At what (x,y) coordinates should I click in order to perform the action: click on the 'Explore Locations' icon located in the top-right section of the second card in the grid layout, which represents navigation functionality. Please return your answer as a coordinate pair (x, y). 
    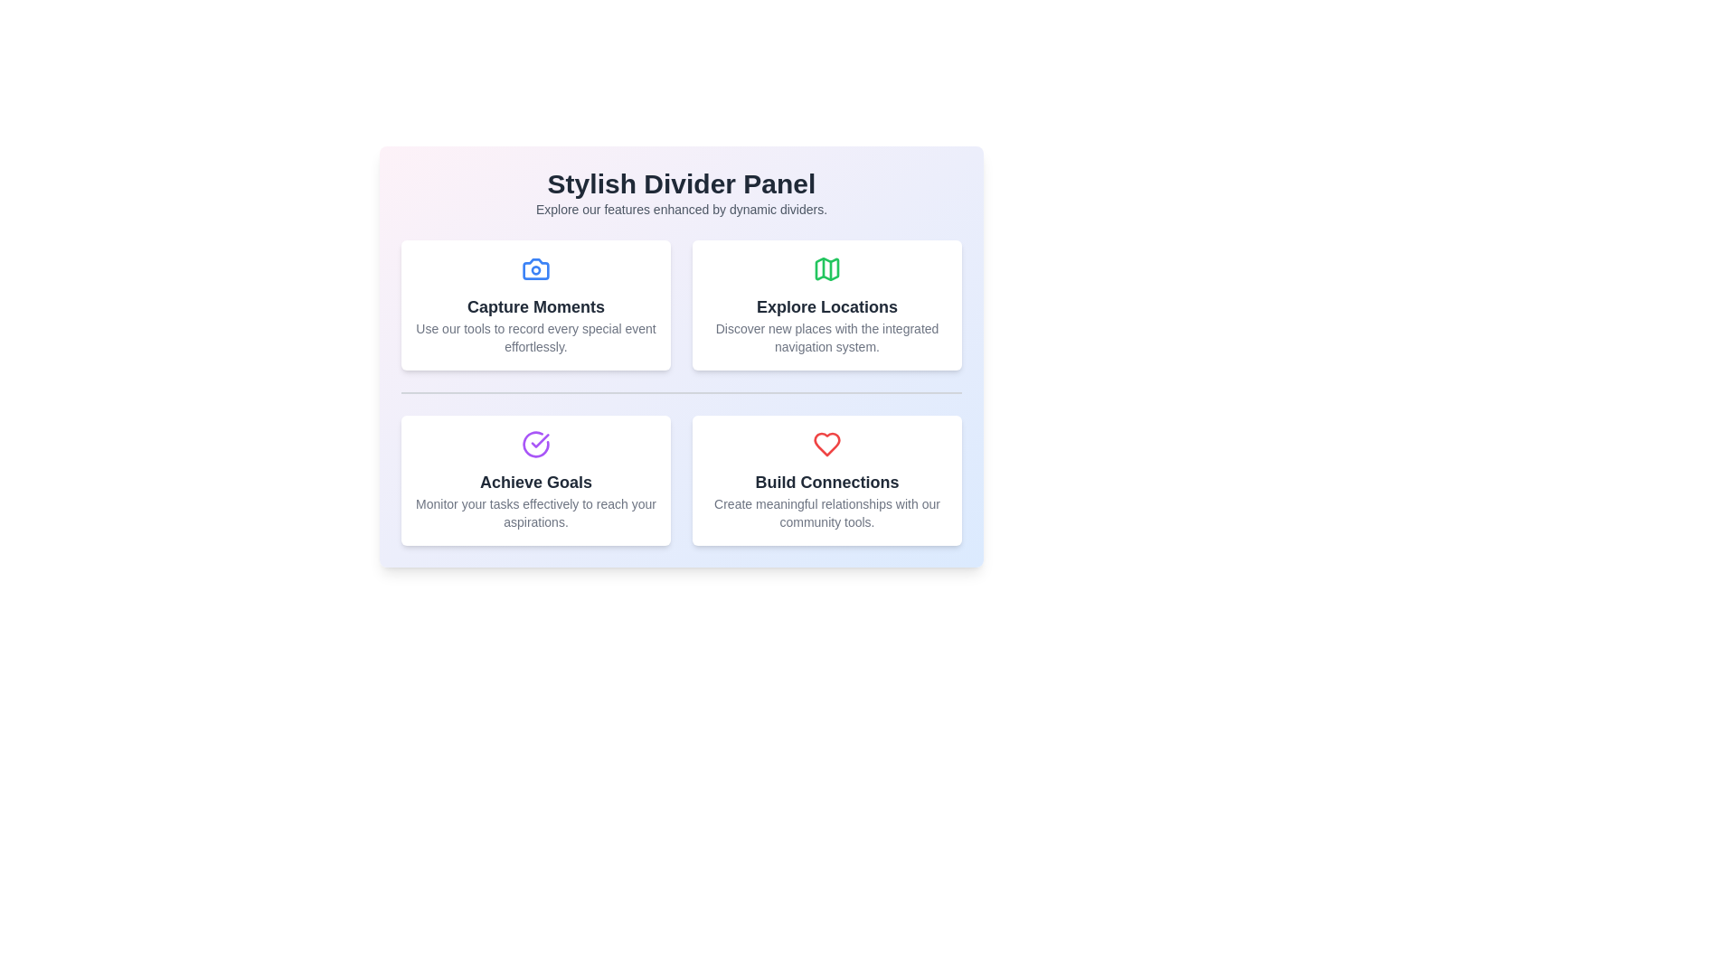
    Looking at the image, I should click on (826, 268).